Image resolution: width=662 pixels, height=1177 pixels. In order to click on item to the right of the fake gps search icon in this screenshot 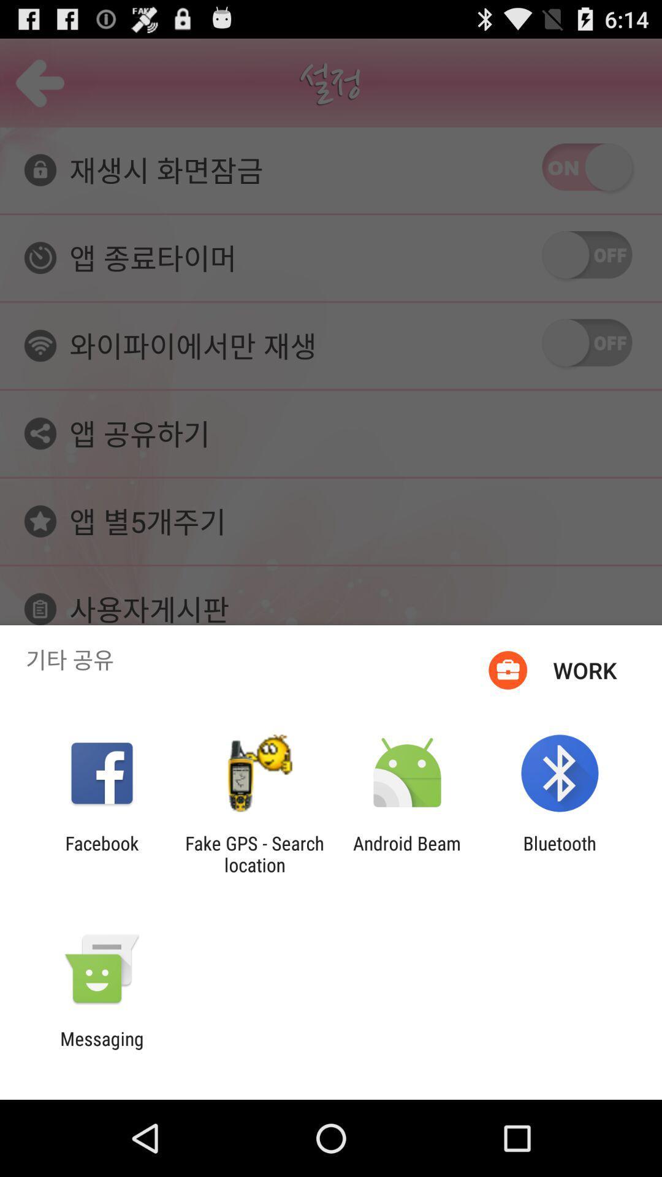, I will do `click(407, 853)`.